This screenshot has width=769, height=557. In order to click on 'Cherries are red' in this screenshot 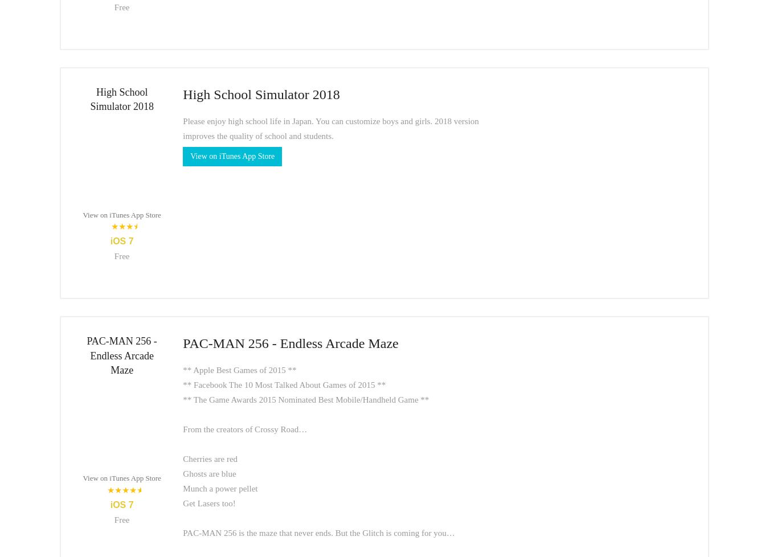, I will do `click(182, 457)`.